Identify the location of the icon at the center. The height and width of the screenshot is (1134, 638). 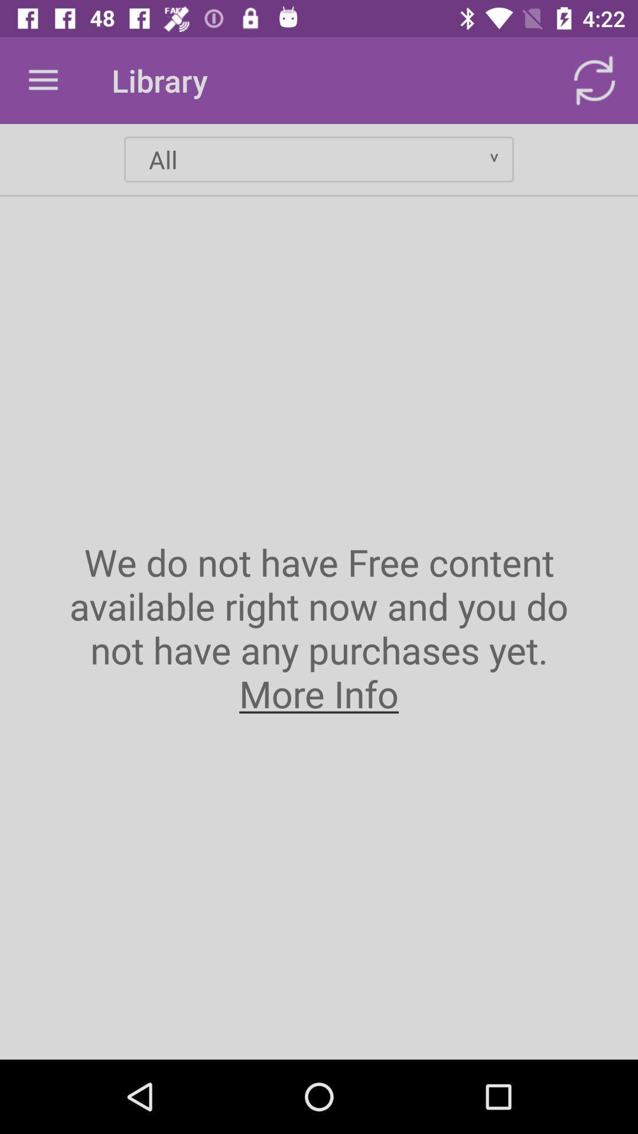
(319, 627).